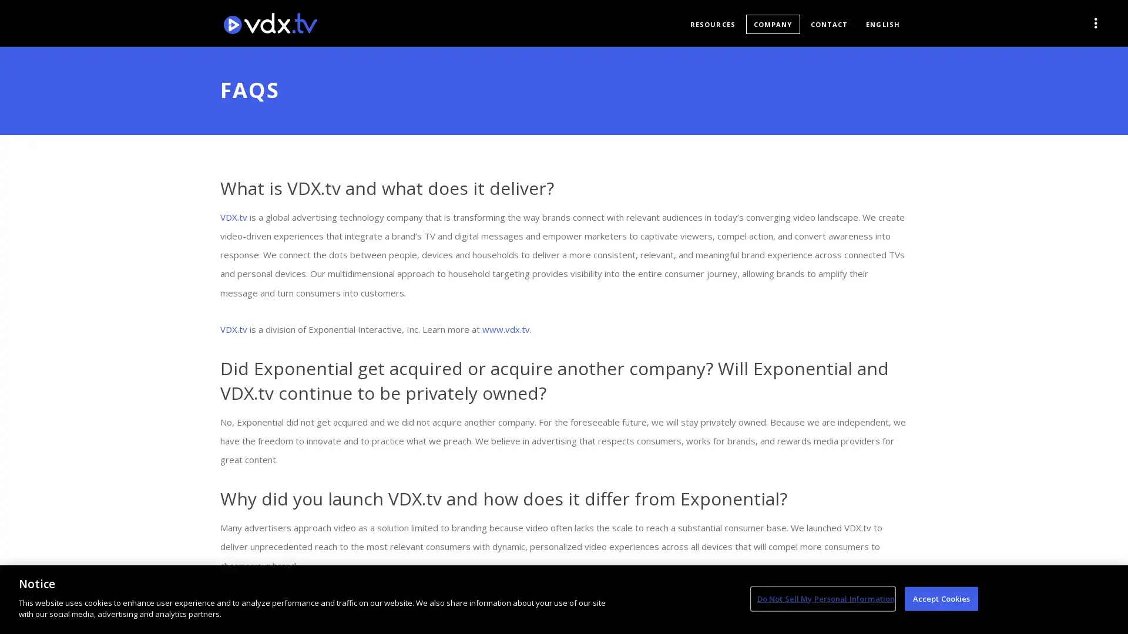 The image size is (1128, 634). Describe the element at coordinates (822, 598) in the screenshot. I see `Do Not Sell My Personal Information` at that location.